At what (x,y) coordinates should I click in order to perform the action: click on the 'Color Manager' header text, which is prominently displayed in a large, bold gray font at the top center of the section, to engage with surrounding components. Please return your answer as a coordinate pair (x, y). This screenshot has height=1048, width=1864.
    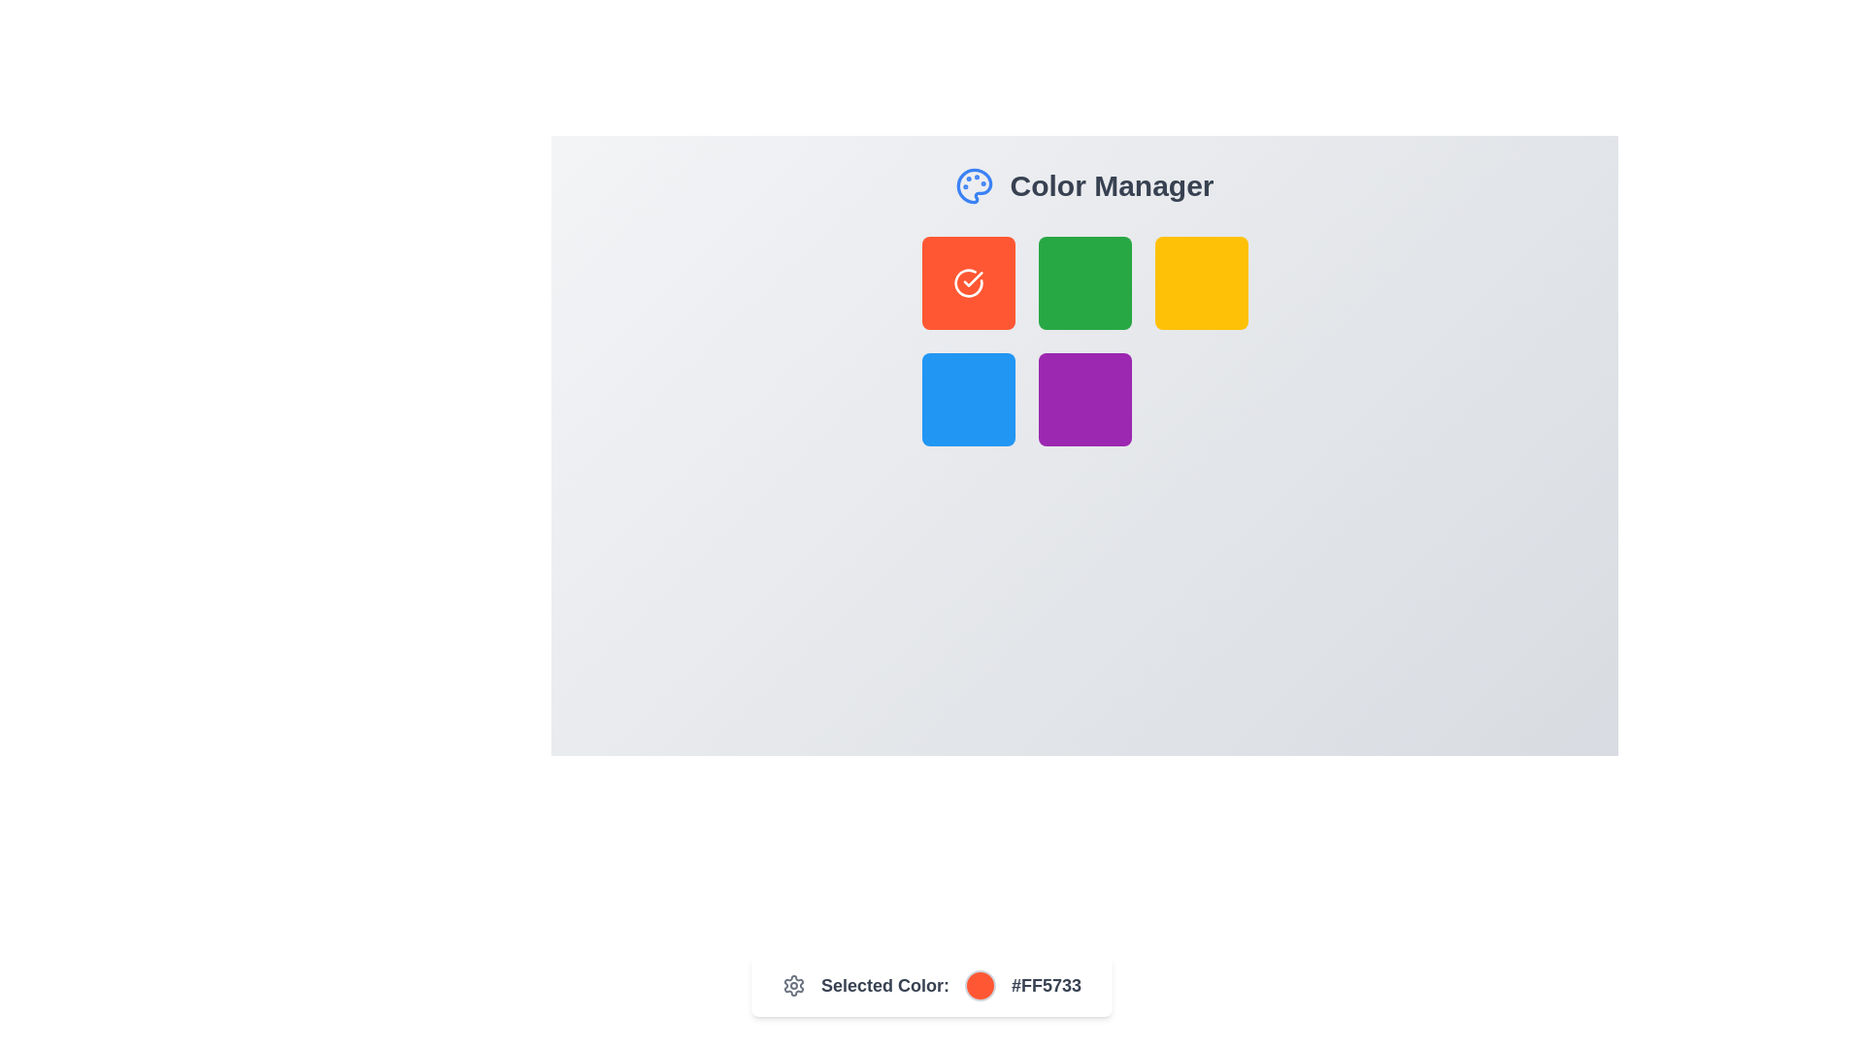
    Looking at the image, I should click on (1112, 186).